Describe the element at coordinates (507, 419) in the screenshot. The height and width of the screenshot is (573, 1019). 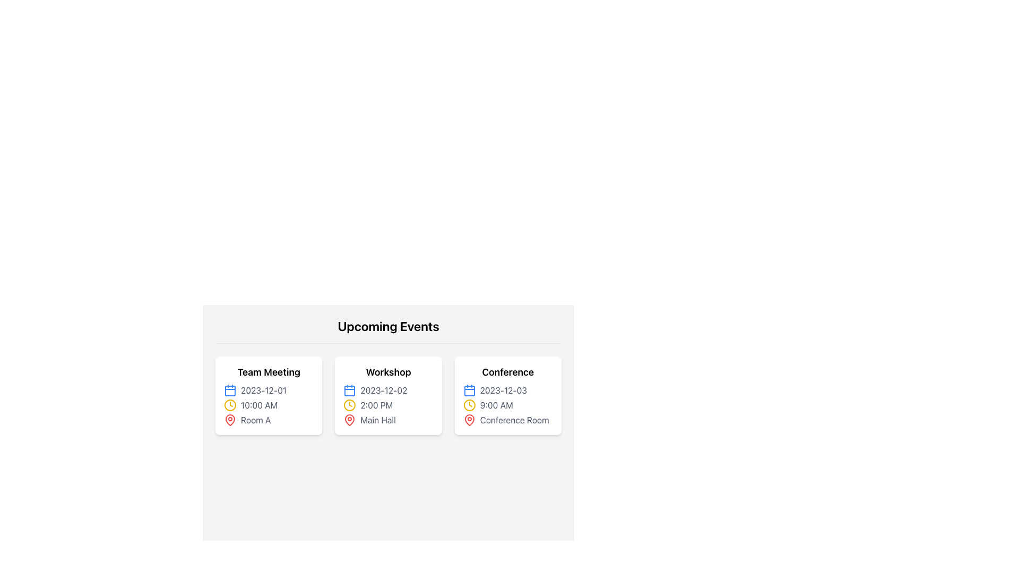
I see `the element consisting of a red location pin icon followed by the text 'Conference Room' in gray font, located in the rightmost event card labeled 'Conference' under 'Upcoming Events'` at that location.